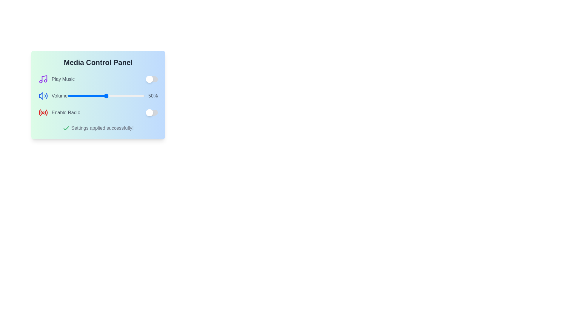 The height and width of the screenshot is (322, 573). I want to click on the volume slider, so click(78, 95).